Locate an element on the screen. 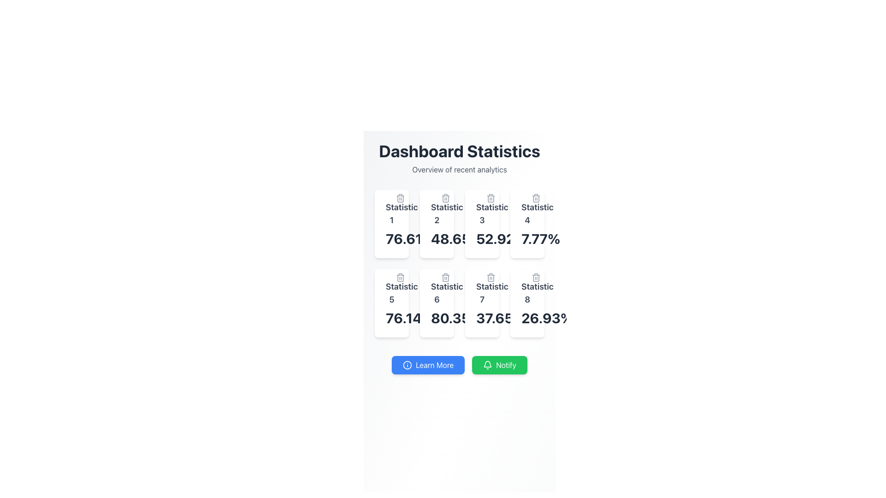 This screenshot has height=498, width=886. statistics labeled on the Content Card displaying 'Statistic 5' and '76.14%' located in the first column of the second row in a 2x4 grid is located at coordinates (392, 303).